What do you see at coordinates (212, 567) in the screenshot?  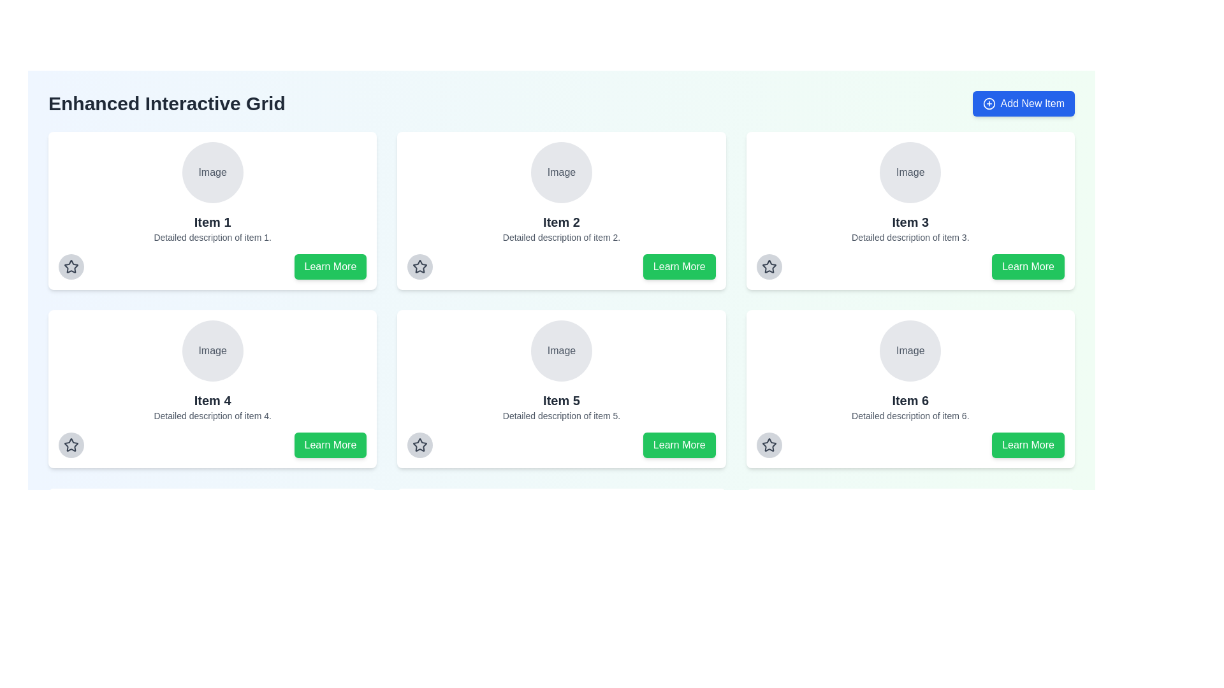 I see `the card component in the first column of the last row of a 3-by-3 grid for more information` at bounding box center [212, 567].